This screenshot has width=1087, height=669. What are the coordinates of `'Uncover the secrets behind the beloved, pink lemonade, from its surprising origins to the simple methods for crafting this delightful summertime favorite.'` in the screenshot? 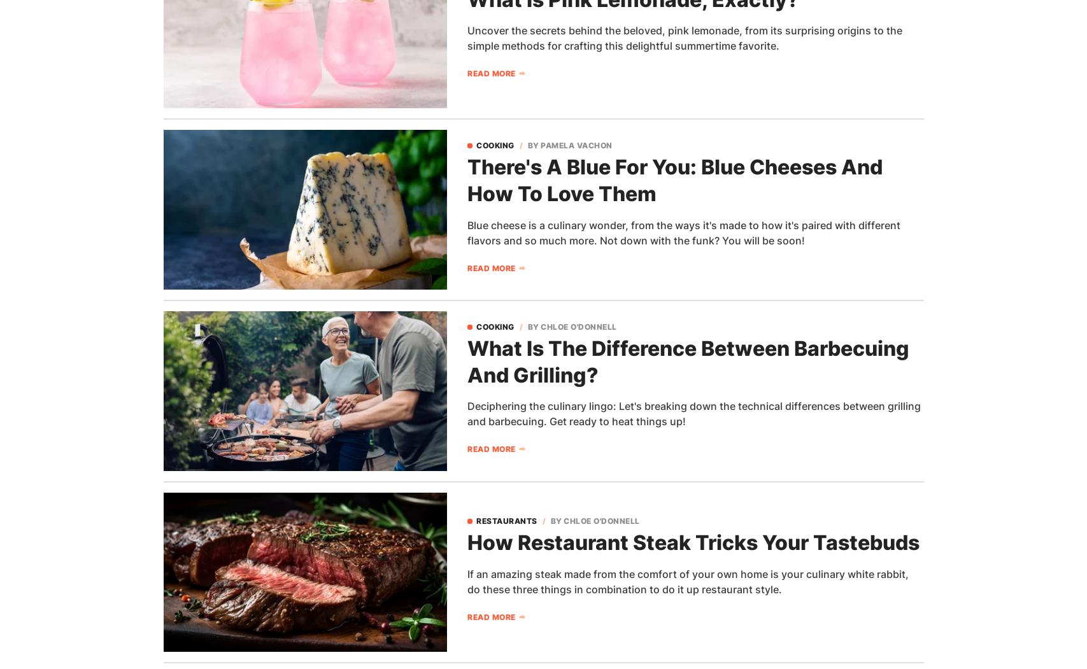 It's located at (467, 38).